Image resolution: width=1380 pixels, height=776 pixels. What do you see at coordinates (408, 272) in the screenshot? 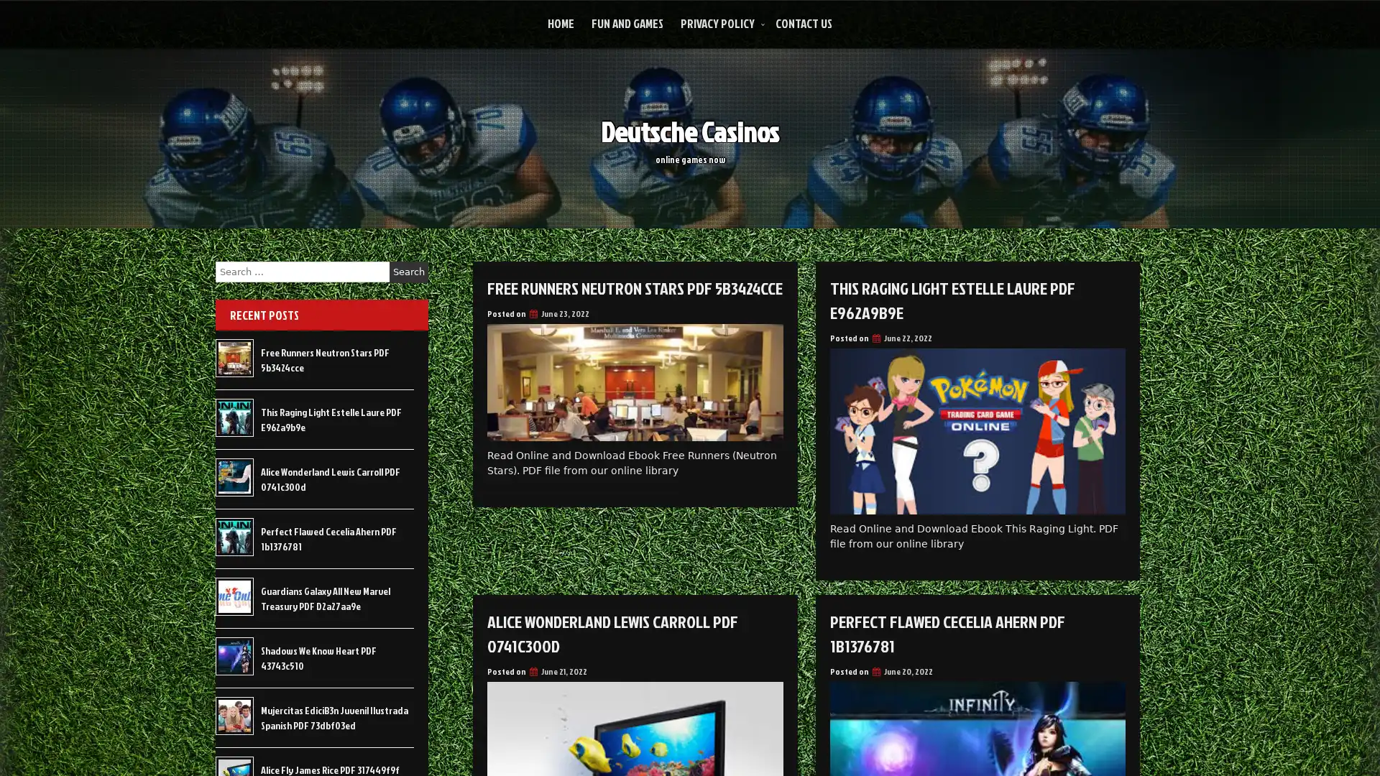
I see `Search` at bounding box center [408, 272].